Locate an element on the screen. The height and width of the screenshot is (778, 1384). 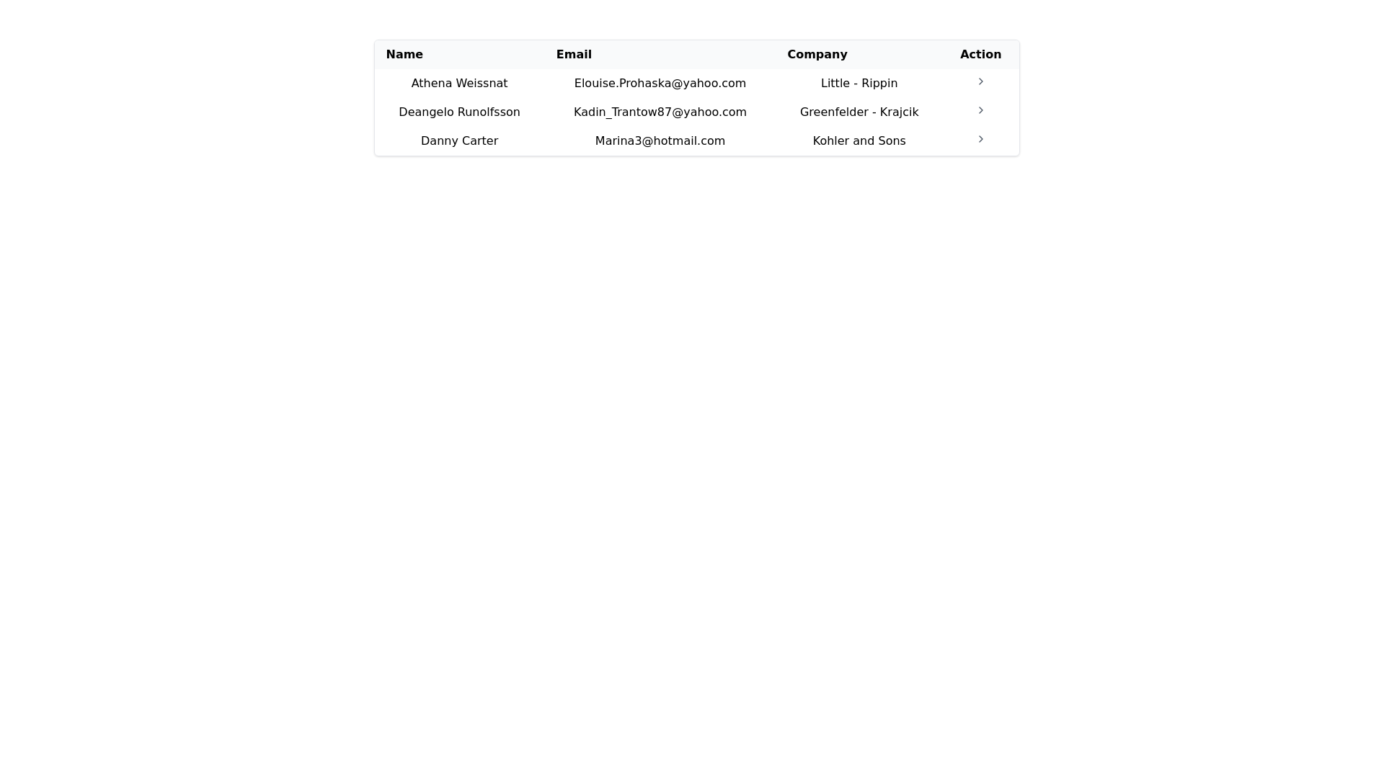
the small gray icon button resembling a right-facing arrow located in the 'Action' column corresponding to the entry 'Athena Weissnat' is located at coordinates (980, 81).